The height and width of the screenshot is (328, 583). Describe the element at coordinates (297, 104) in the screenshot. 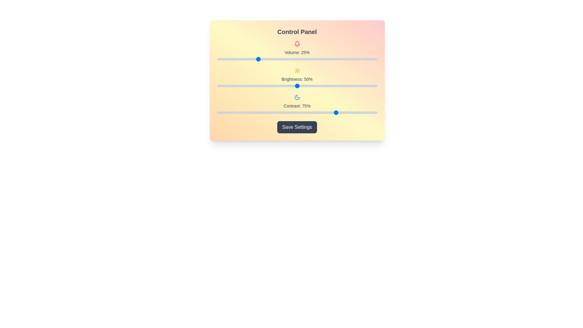

I see `the Range Slider labeled 'Contrast: 75%' which features a blue moon icon above it to set a contrast level` at that location.